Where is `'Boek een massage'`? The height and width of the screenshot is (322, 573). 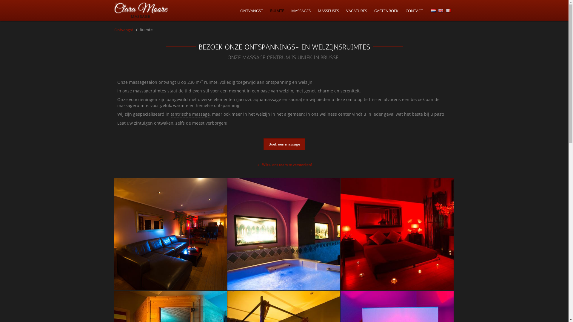 'Boek een massage' is located at coordinates (284, 144).